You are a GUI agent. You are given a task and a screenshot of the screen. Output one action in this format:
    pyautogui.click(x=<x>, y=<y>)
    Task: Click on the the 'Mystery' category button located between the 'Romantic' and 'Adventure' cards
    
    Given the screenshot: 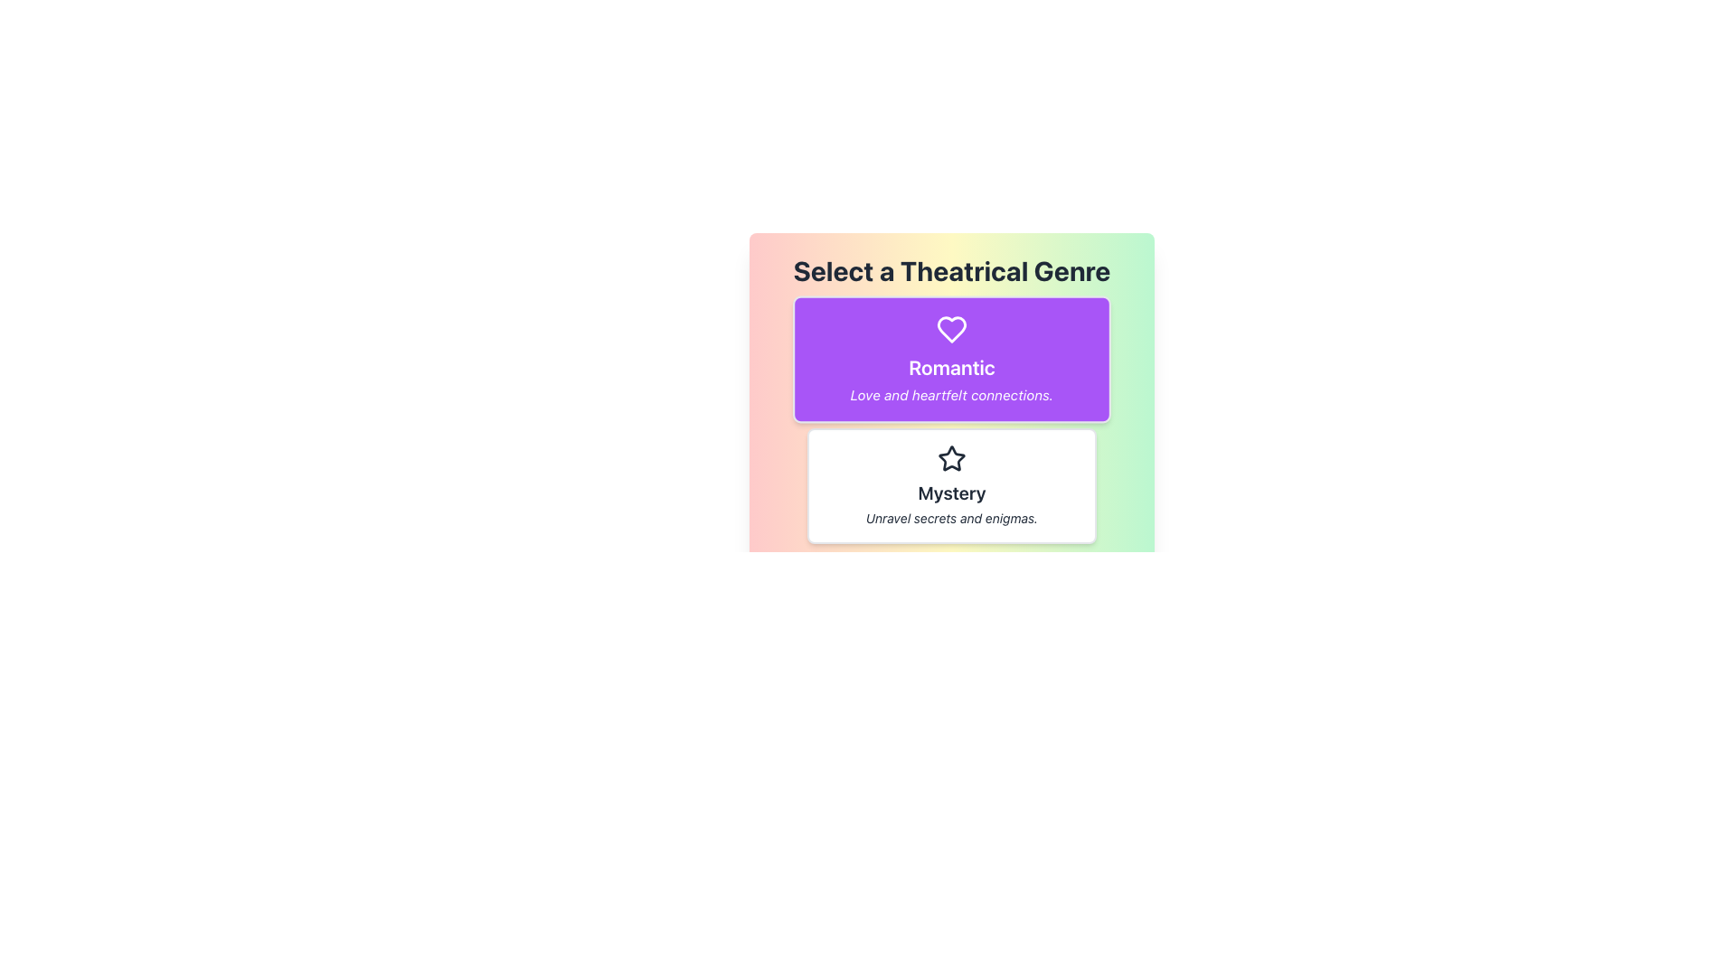 What is the action you would take?
    pyautogui.click(x=950, y=484)
    